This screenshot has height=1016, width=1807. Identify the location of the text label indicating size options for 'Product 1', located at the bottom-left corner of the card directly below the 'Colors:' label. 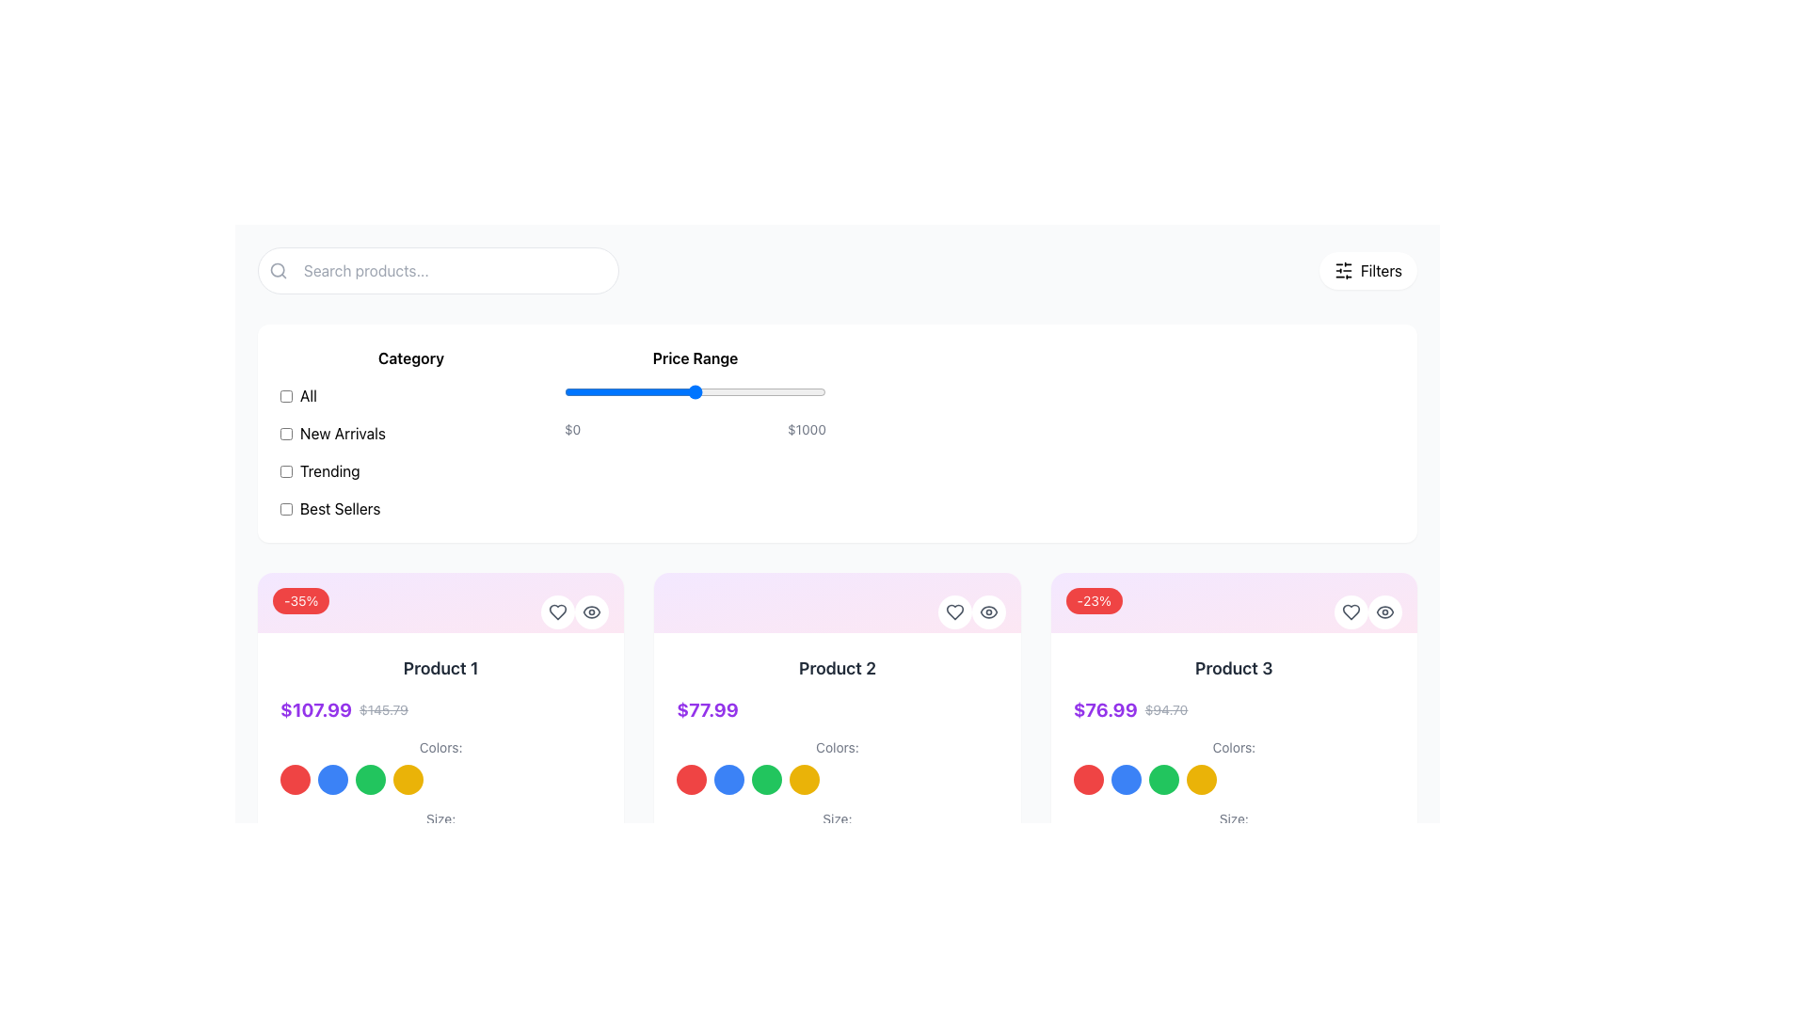
(440, 818).